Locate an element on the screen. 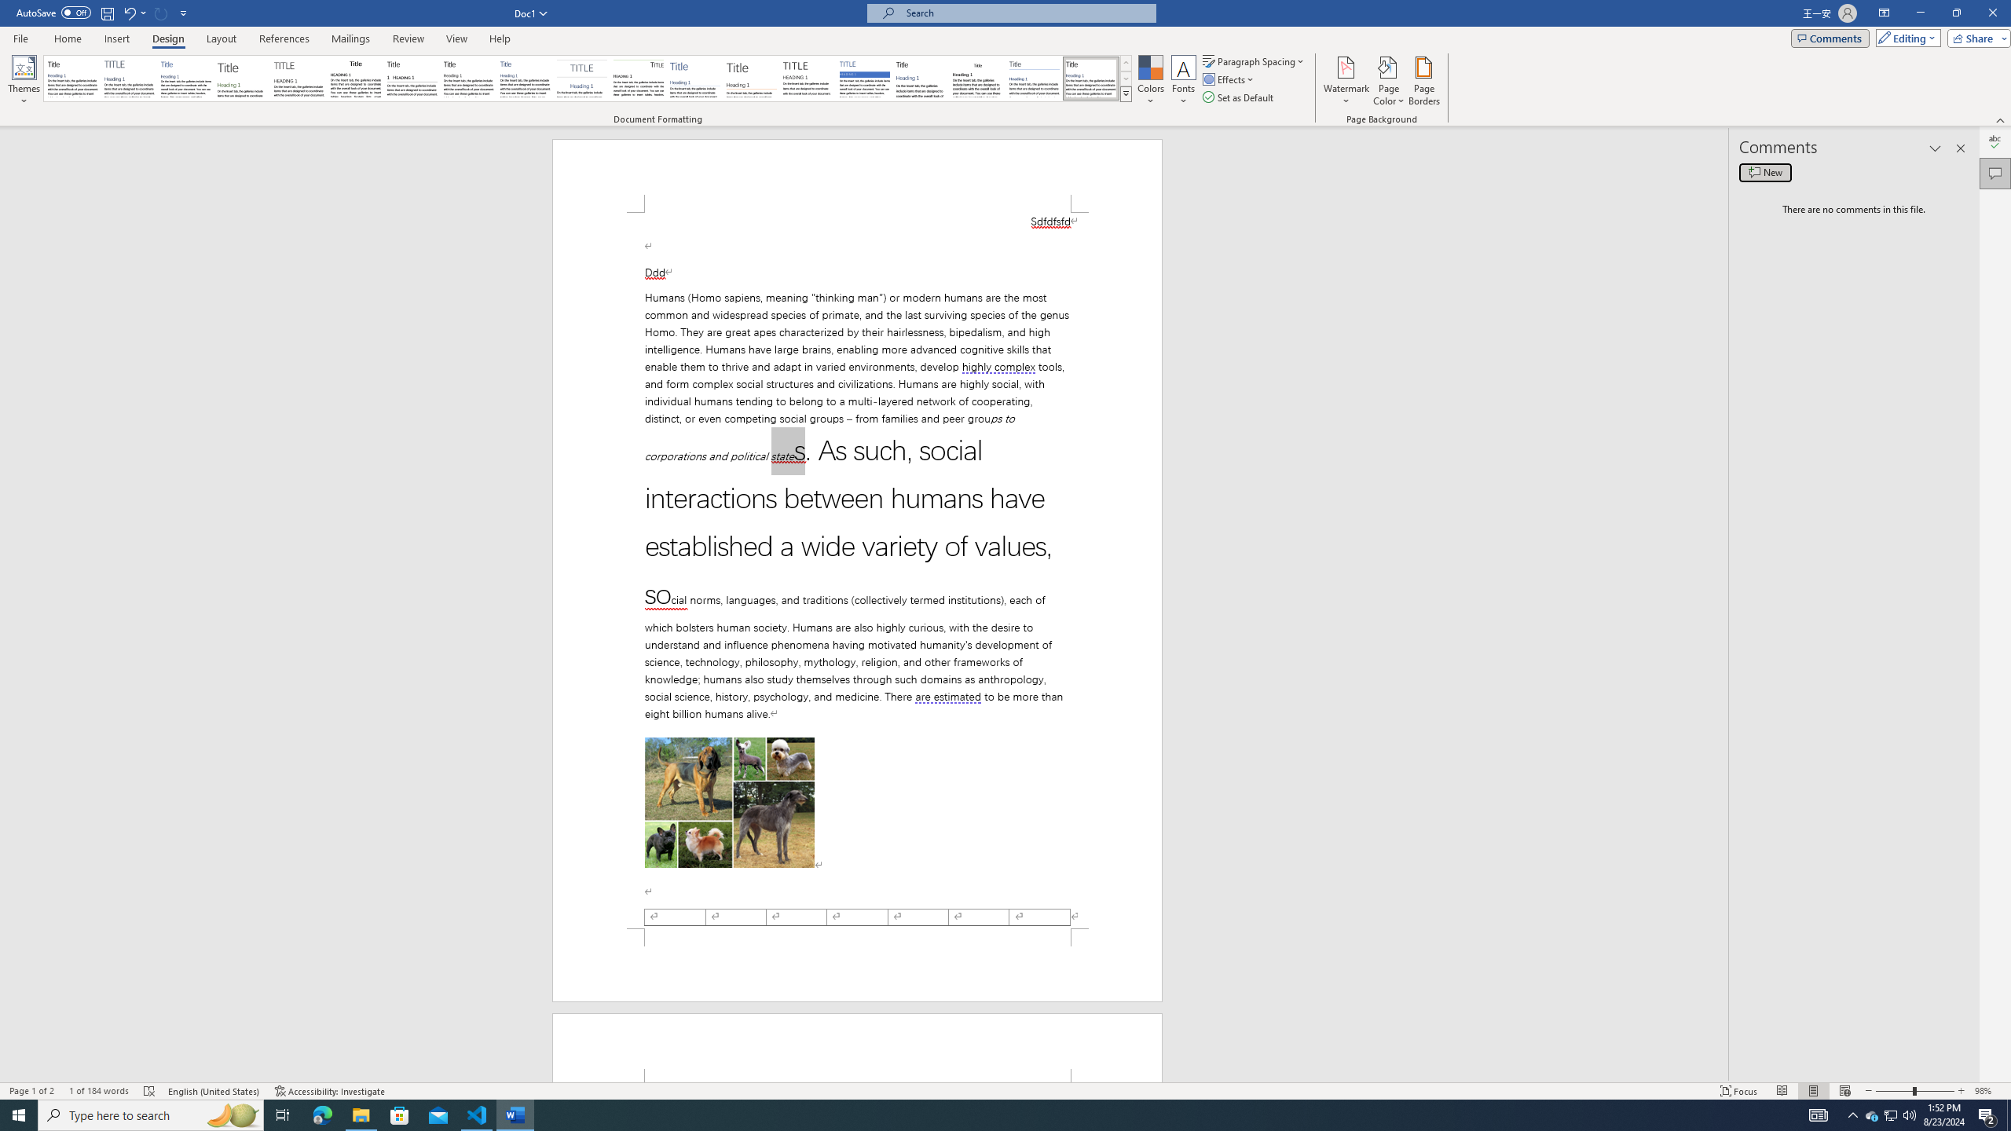  'Black & White (Word 2013)' is located at coordinates (467, 78).